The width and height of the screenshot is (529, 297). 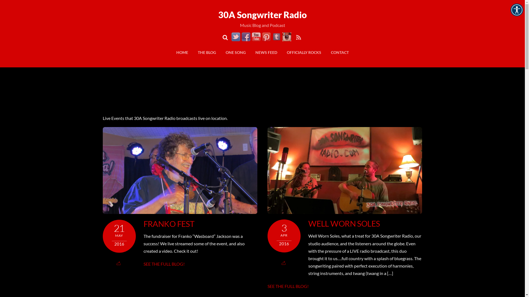 I want to click on 'CONTACT', so click(x=339, y=52).